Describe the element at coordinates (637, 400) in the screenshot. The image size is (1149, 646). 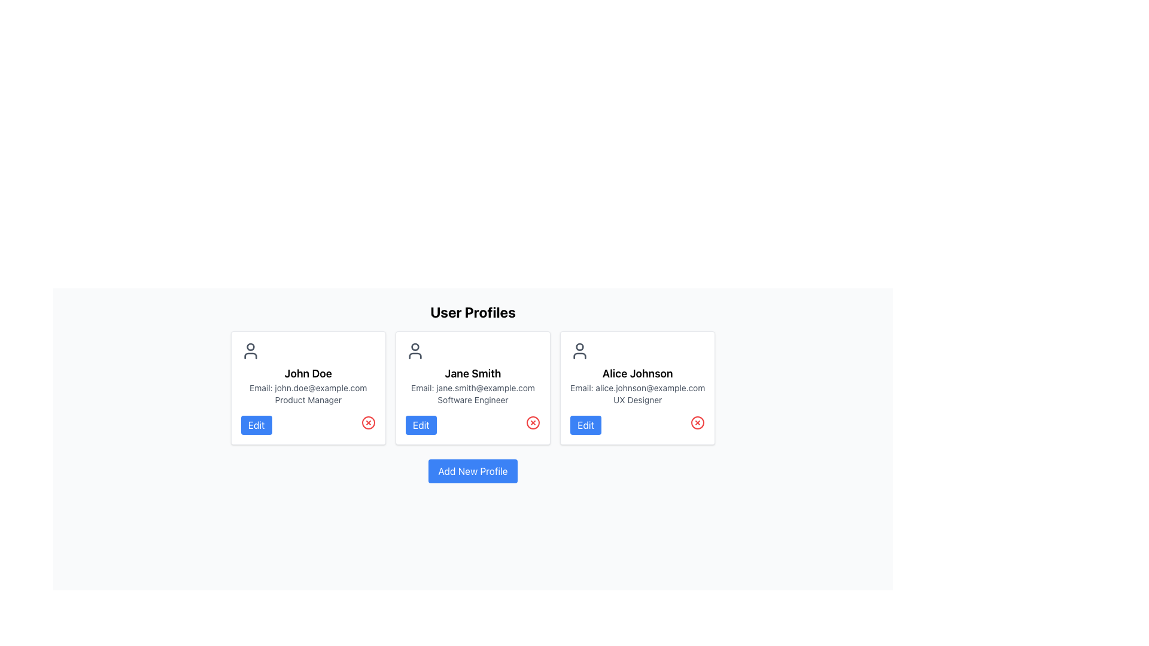
I see `the text label 'UX Designer' which is displayed in a small, gray font on Alice Johnson's user profile card, located below her email address and above the 'Edit' button` at that location.